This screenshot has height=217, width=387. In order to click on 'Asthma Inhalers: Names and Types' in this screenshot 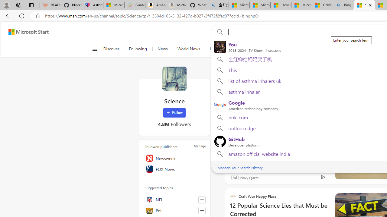, I will do `click(92, 5)`.